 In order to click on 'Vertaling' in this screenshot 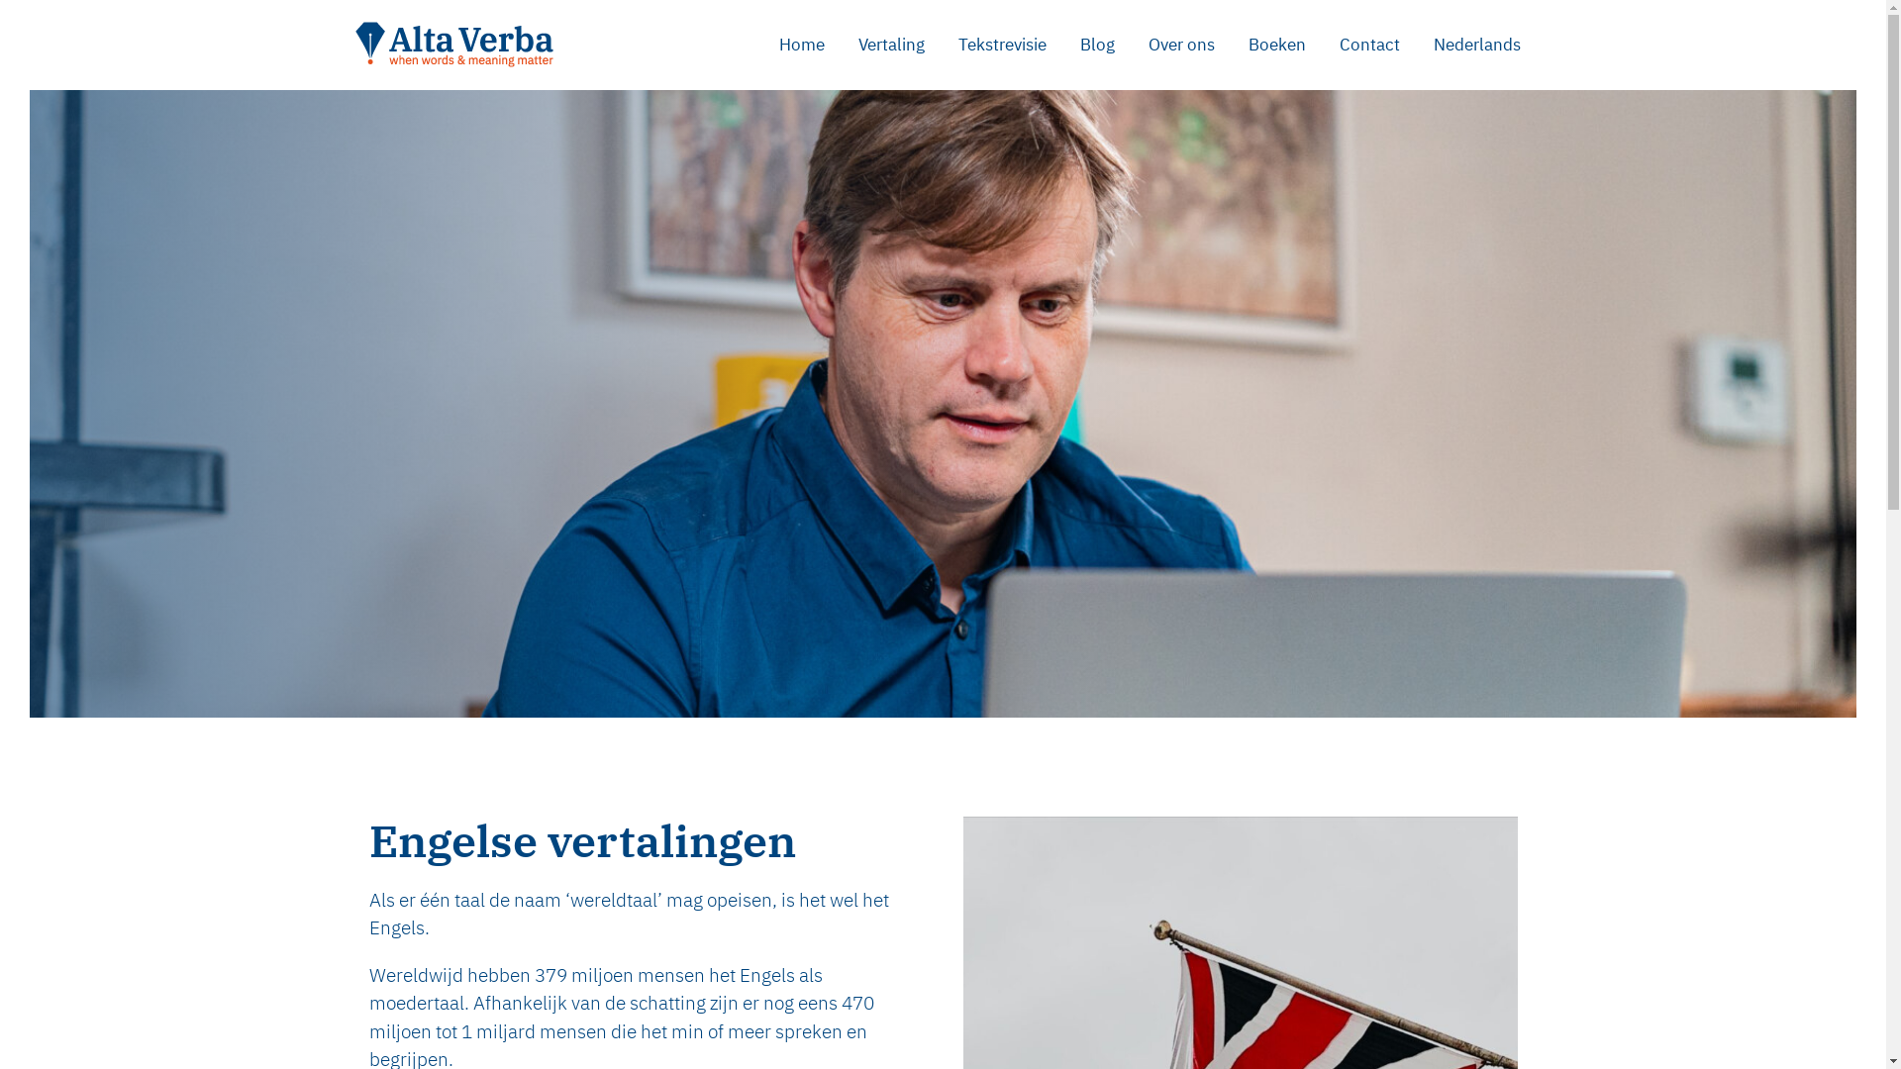, I will do `click(890, 45)`.